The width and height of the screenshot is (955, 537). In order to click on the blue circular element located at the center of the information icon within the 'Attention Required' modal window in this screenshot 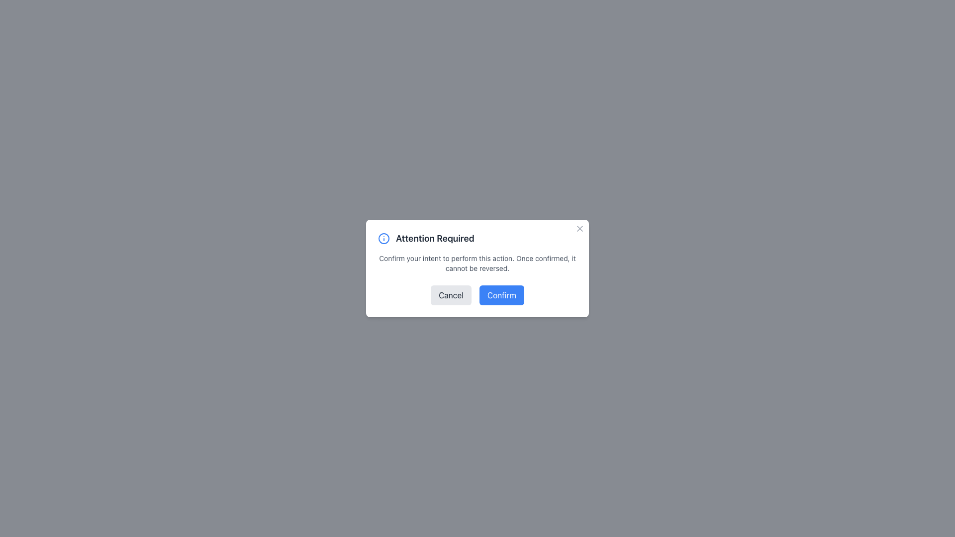, I will do `click(383, 238)`.